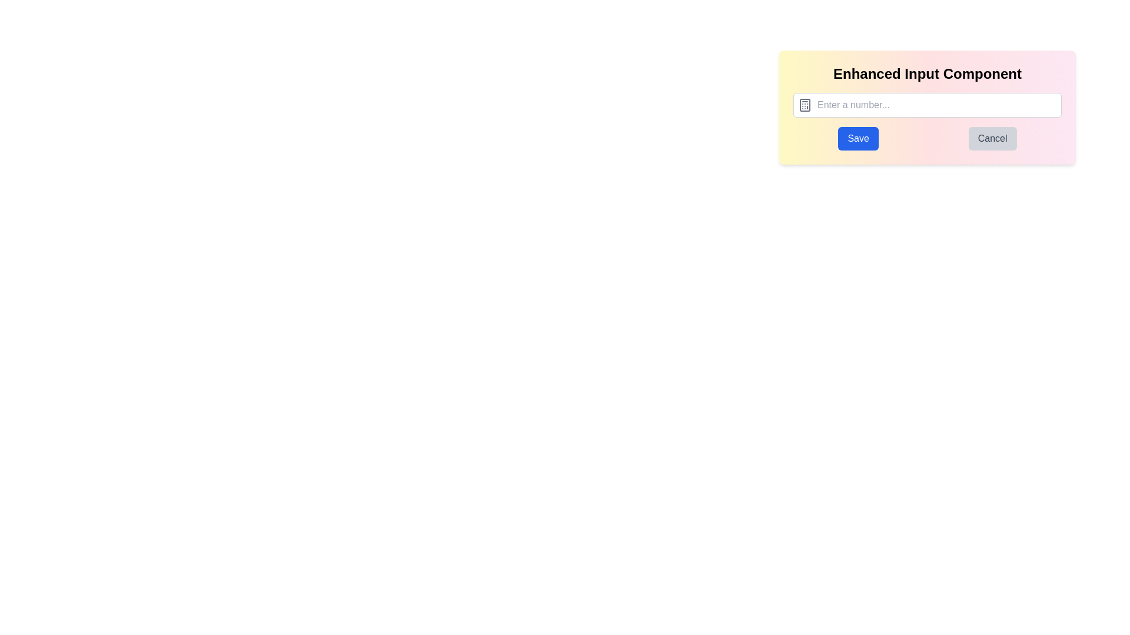 The image size is (1130, 635). I want to click on the 'Cancel' button, which is a light gray button with dark gray text located to the right of the 'Save' button in the 'Enhanced Input Component' panel, so click(992, 138).